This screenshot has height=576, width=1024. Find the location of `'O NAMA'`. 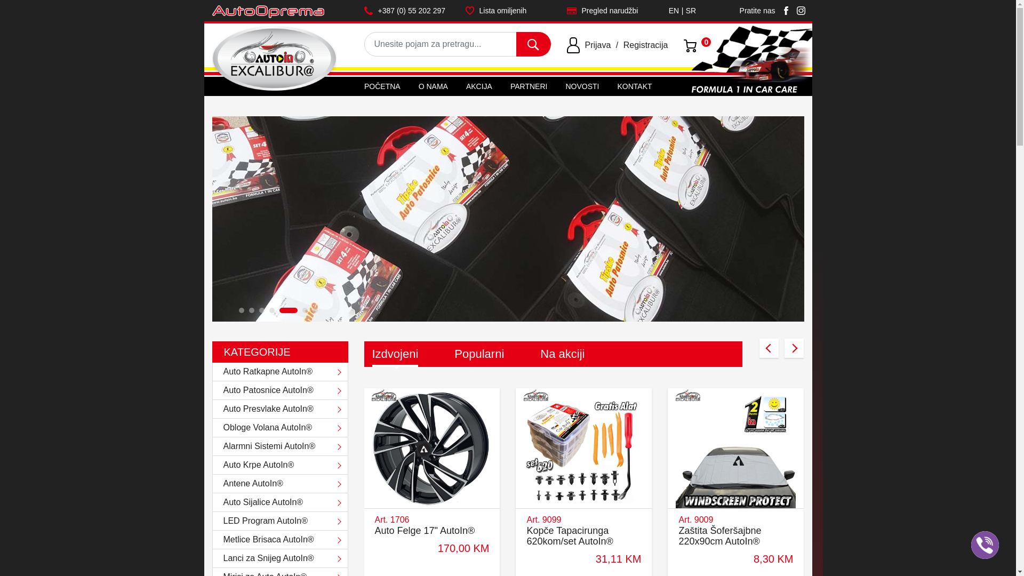

'O NAMA' is located at coordinates (433, 86).